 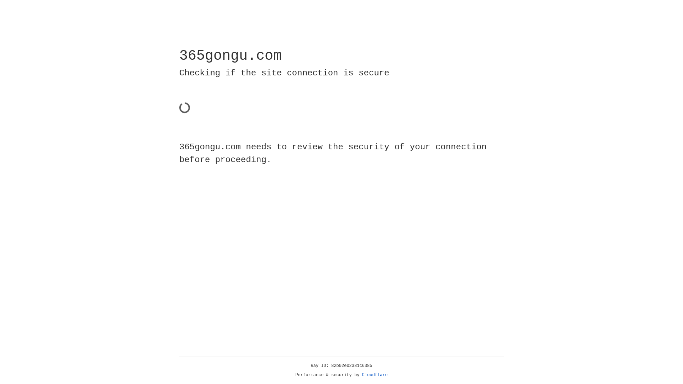 I want to click on 'Cloudflare', so click(x=375, y=375).